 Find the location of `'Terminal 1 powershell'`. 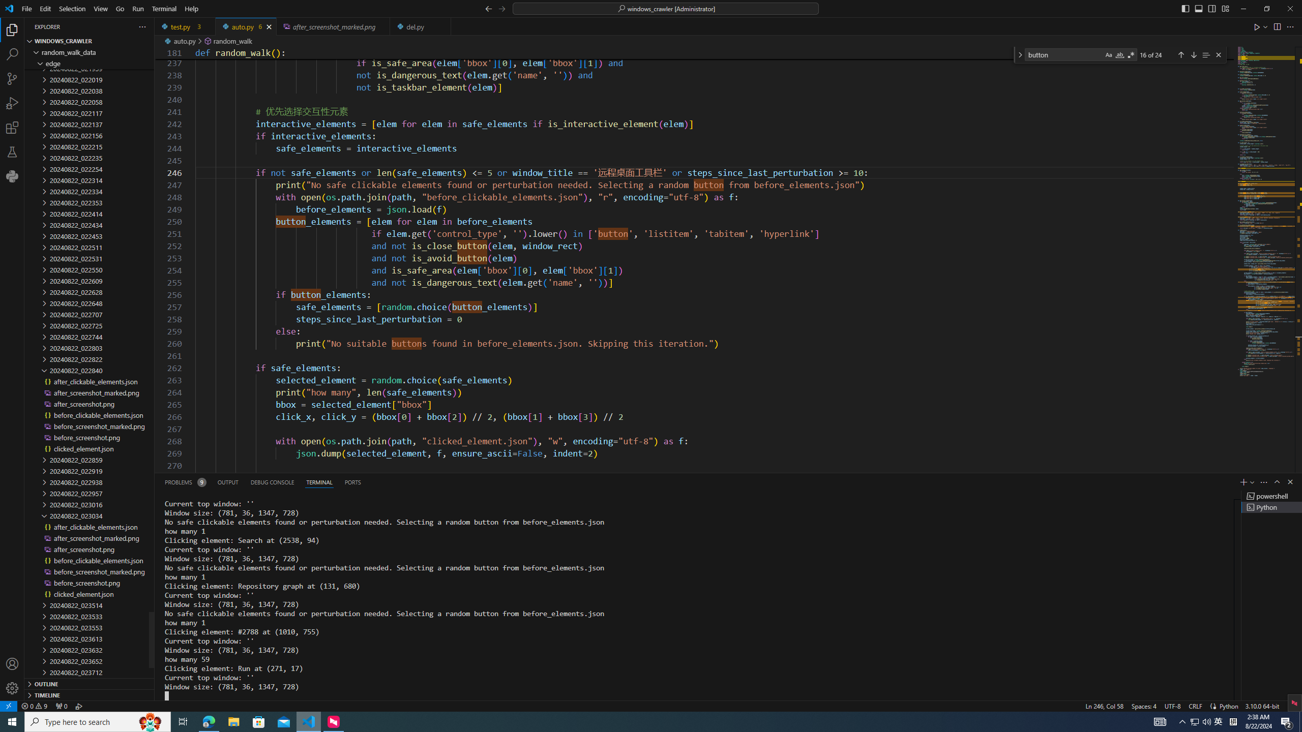

'Terminal 1 powershell' is located at coordinates (1271, 495).